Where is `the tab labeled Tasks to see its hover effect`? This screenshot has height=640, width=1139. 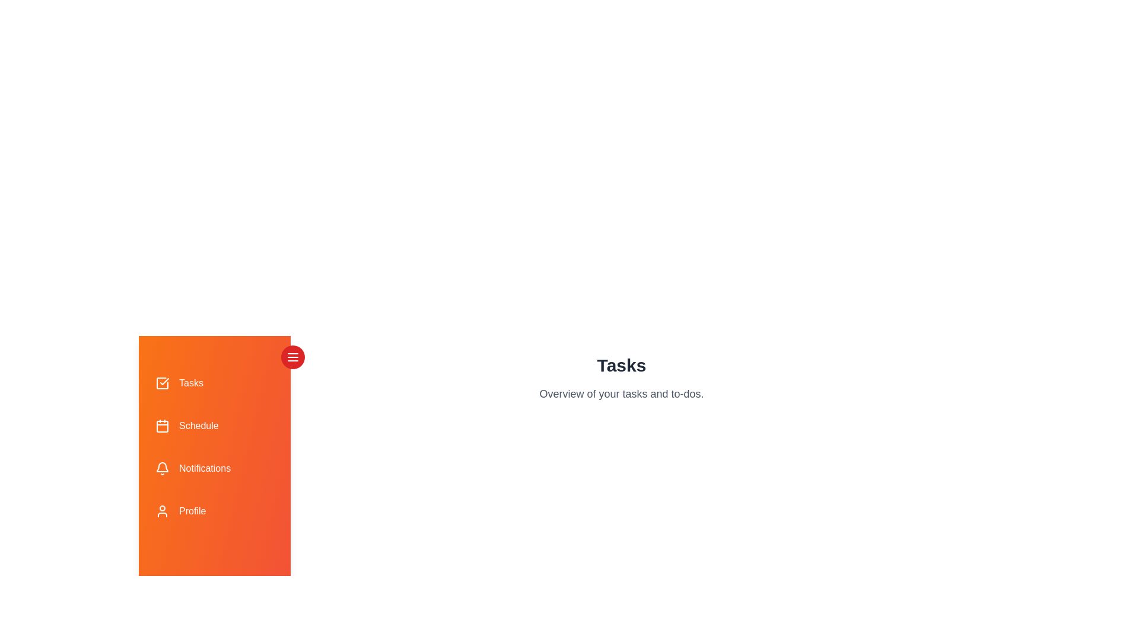
the tab labeled Tasks to see its hover effect is located at coordinates (214, 383).